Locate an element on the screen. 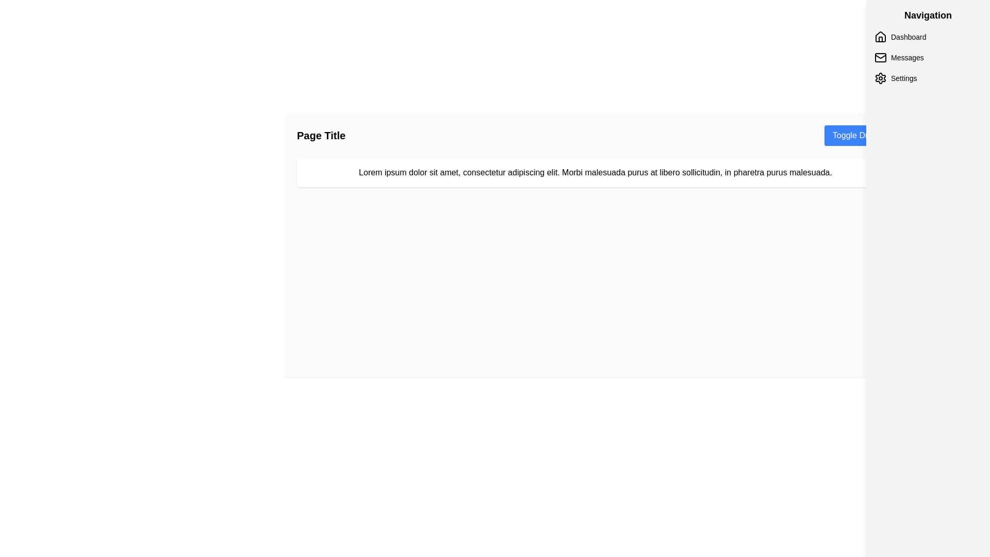  the 'Dashboard' text label located in the vertical navigation menu on the right side of the interface is located at coordinates (909, 37).